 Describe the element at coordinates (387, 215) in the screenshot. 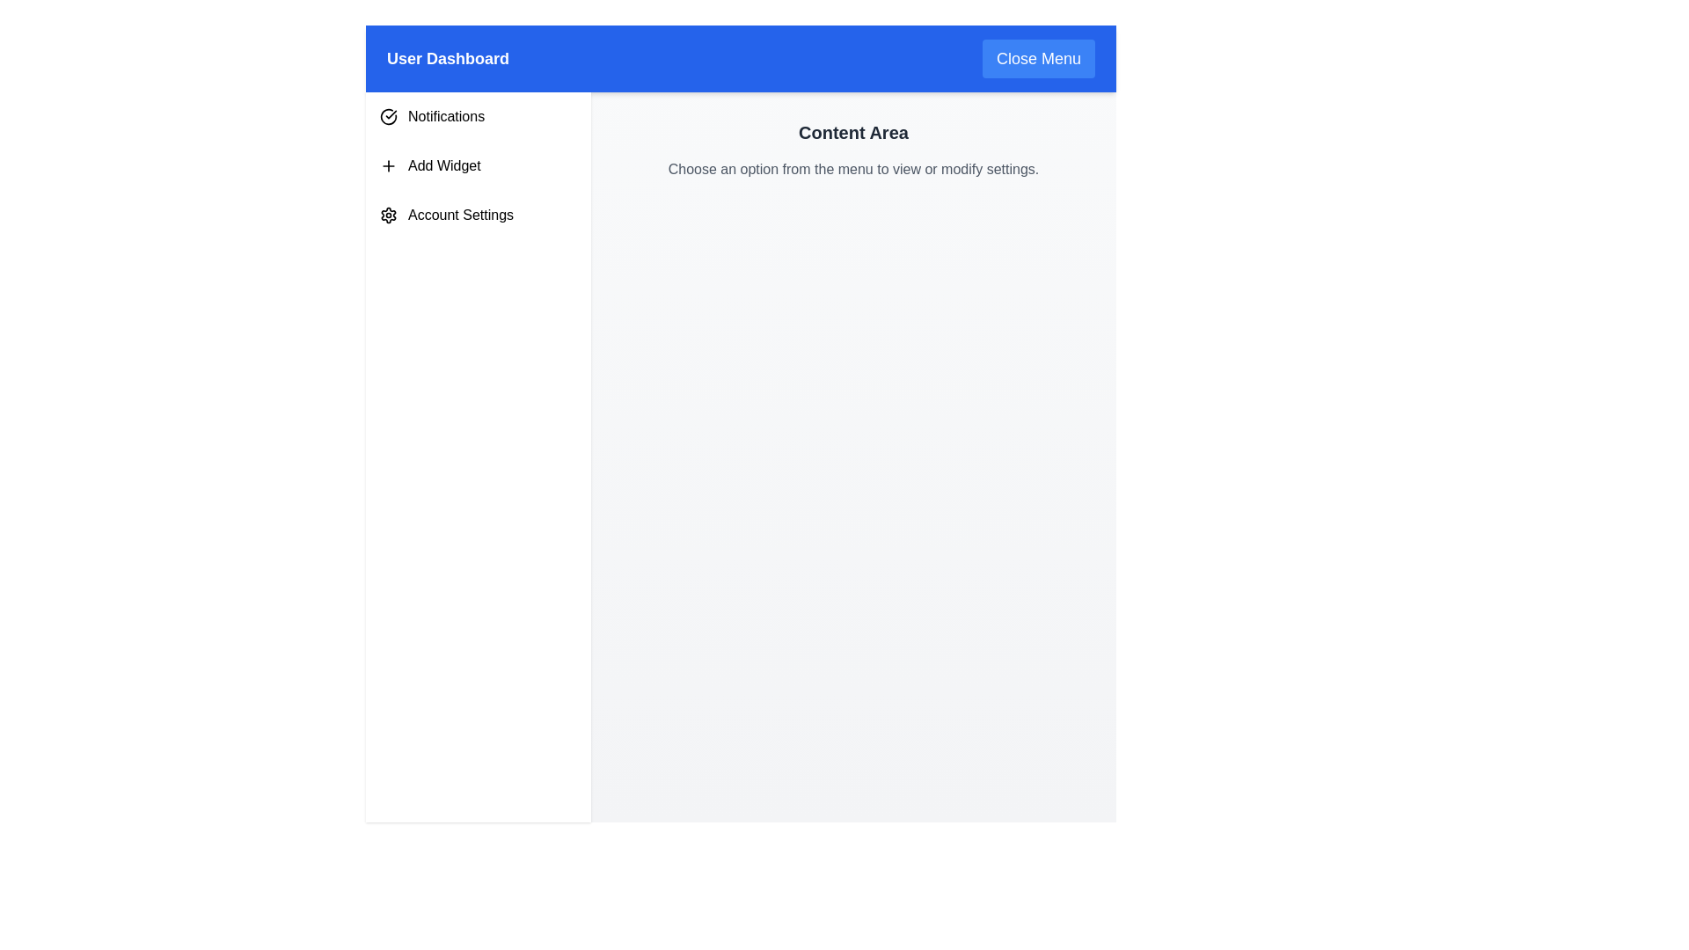

I see `the settings icon, which is a circular cogwheel shape outlined in black, located to the left of the 'Account Settings' label in the sidebar` at that location.